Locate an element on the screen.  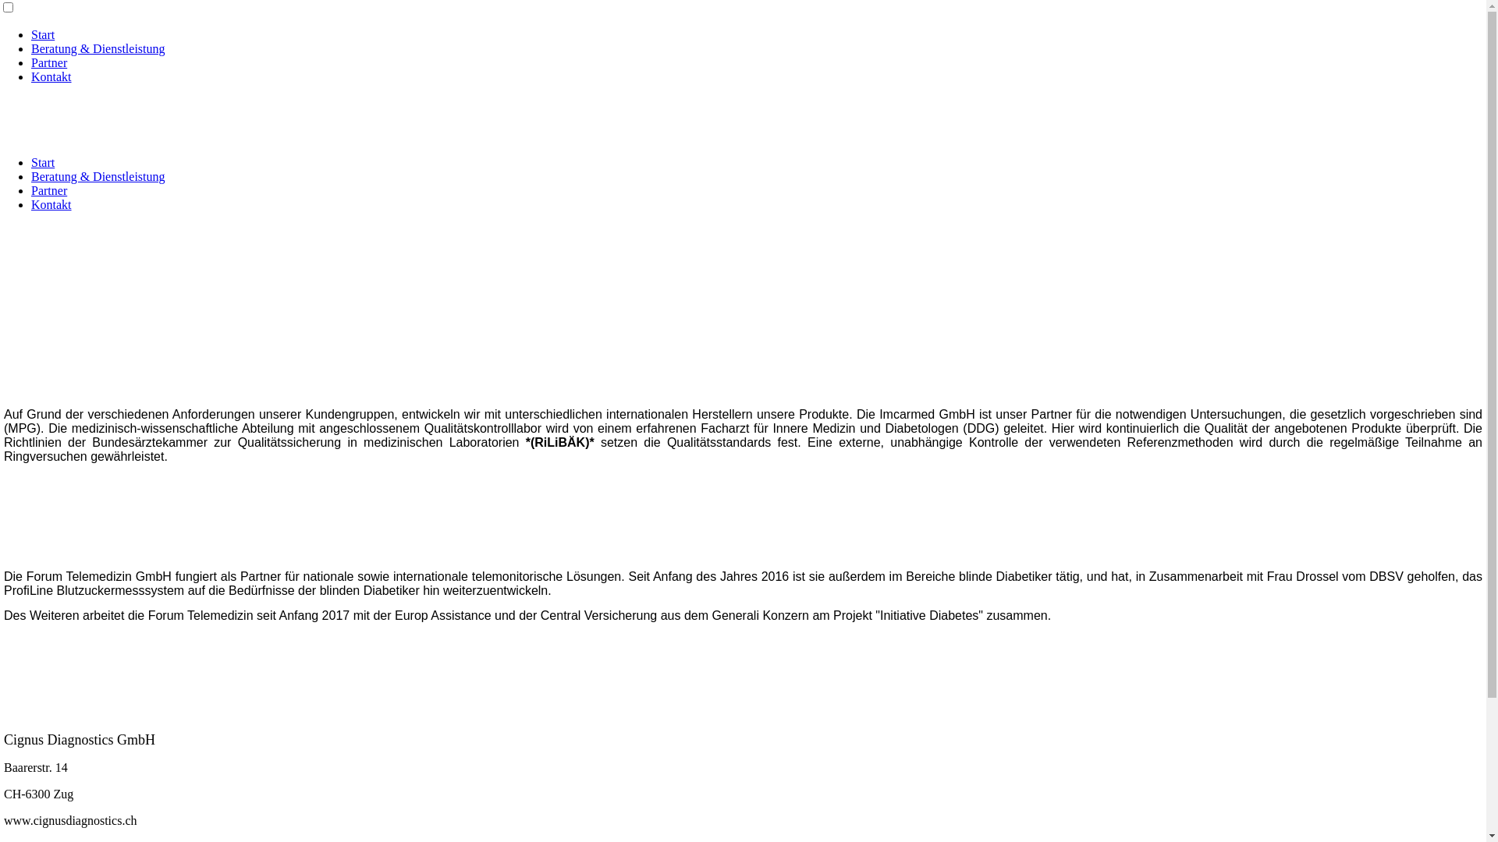
'Start' is located at coordinates (42, 162).